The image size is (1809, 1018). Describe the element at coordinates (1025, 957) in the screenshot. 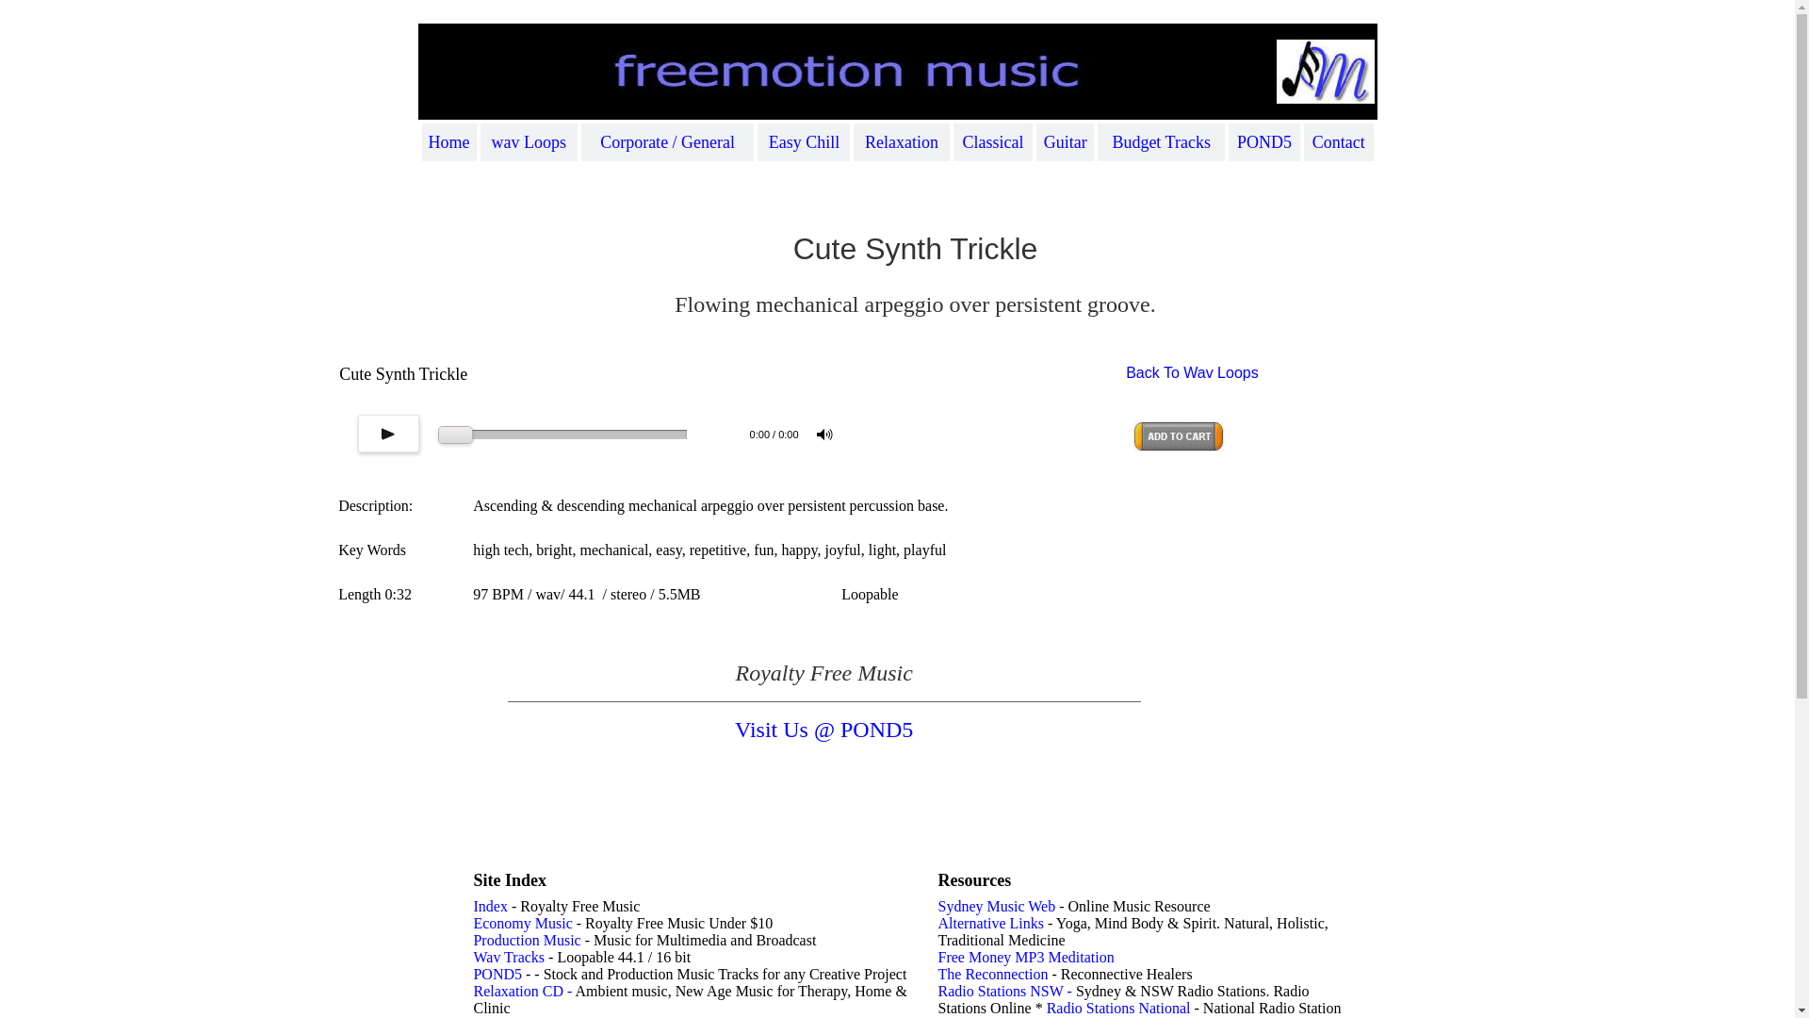

I see `'Free Money MP3 Meditation'` at that location.